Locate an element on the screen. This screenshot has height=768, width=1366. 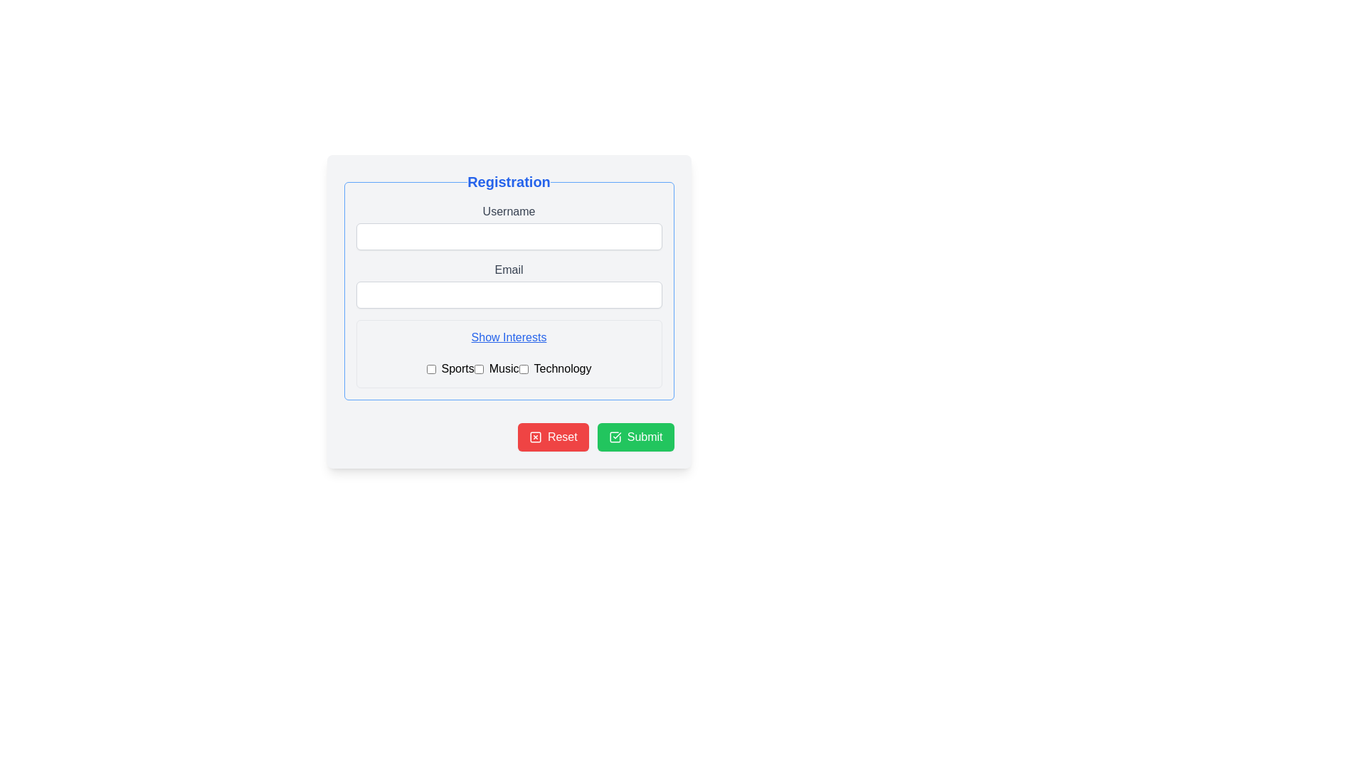
the label 'Technology' of the checkbox is located at coordinates (554, 368).